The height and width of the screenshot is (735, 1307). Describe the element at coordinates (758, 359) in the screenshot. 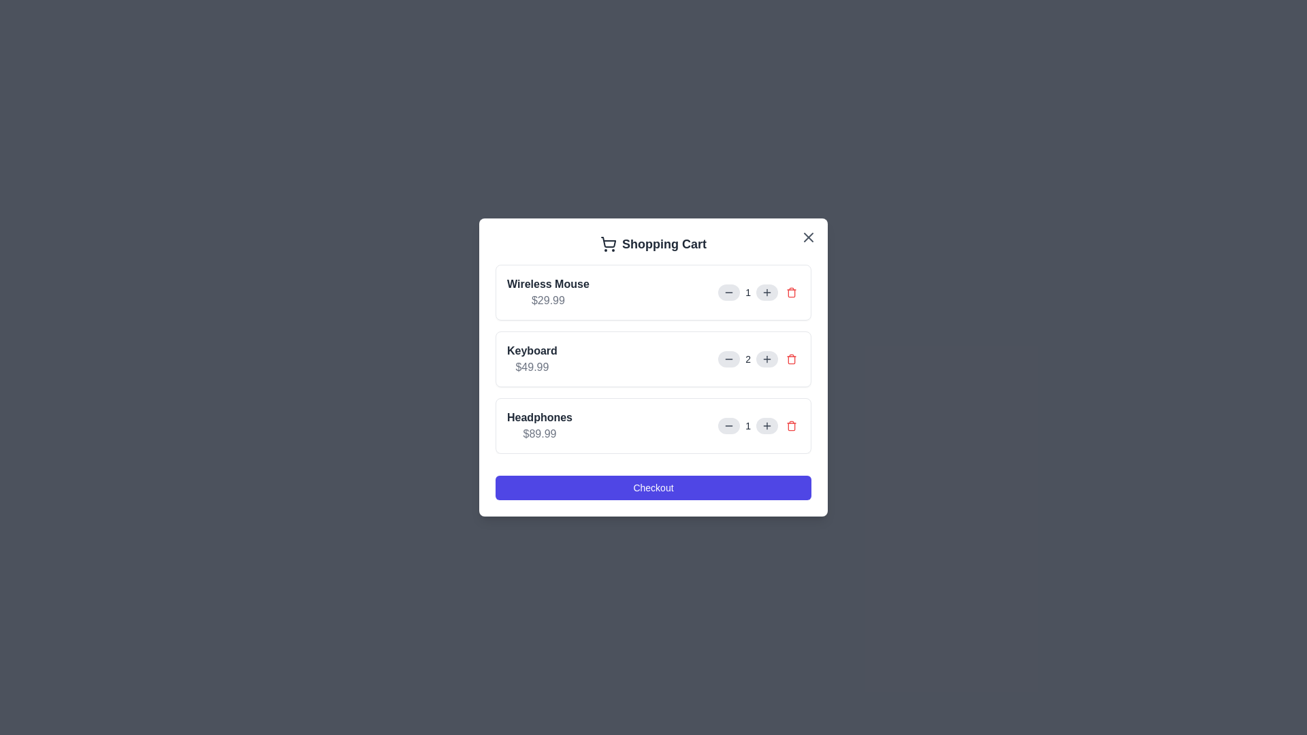

I see `displayed quantity from the numeric stepper control element located in the shopping cart, identified by the centered numeric label '2' and flanked by '+' and '-' buttons` at that location.